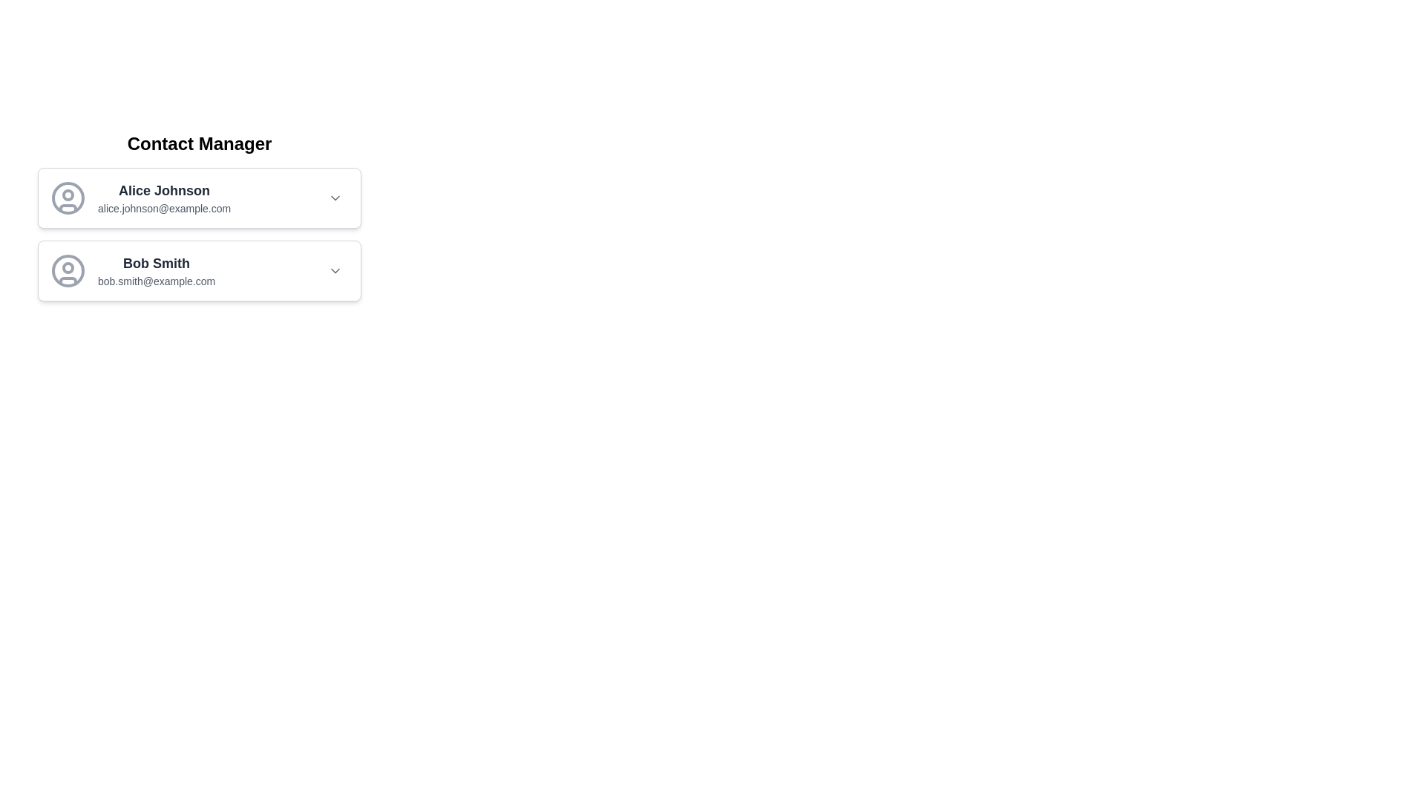  I want to click on email address displayed in the text label element showing 'bob.smith@example.com', which is located below the name 'Bob Smith' in the contact list, so click(157, 281).